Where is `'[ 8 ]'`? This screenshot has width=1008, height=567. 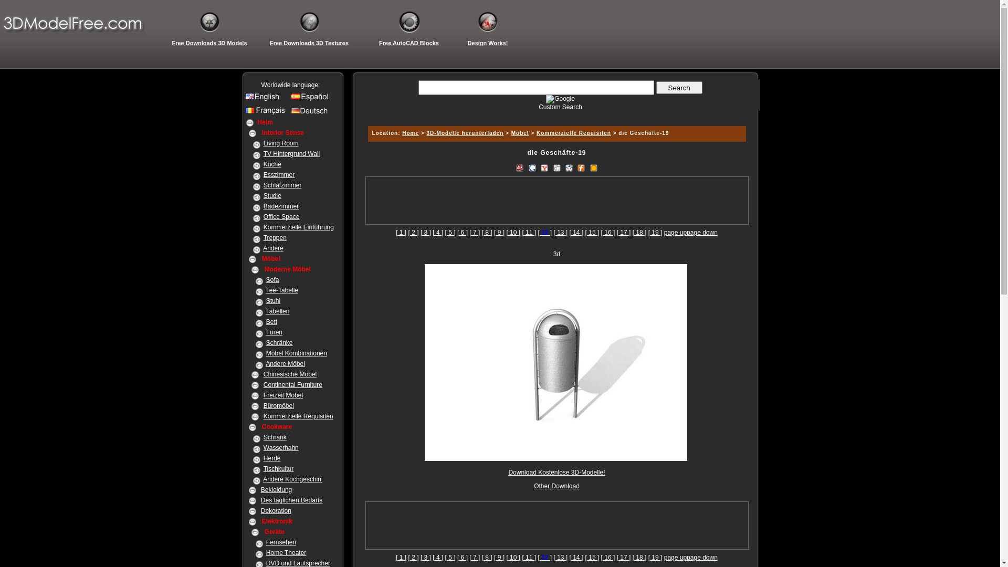
'[ 8 ]' is located at coordinates (486, 232).